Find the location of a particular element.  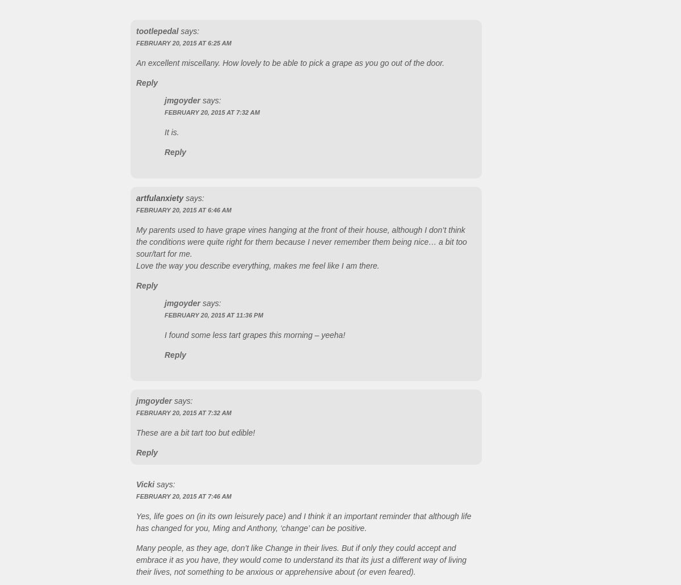

'February 20, 2015 at 6:46 AM' is located at coordinates (136, 210).